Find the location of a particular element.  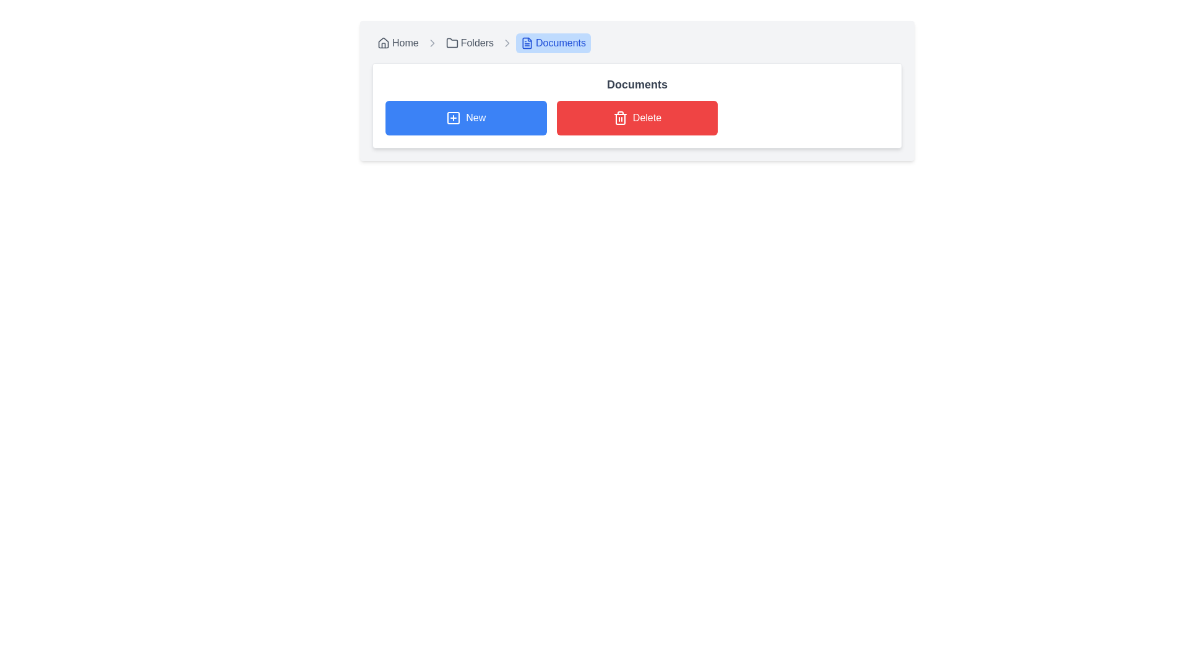

the 'Delete' text label, which is styled with a red background and white font color, located within the 'Delete' button adjacent to the trash icon is located at coordinates (647, 118).